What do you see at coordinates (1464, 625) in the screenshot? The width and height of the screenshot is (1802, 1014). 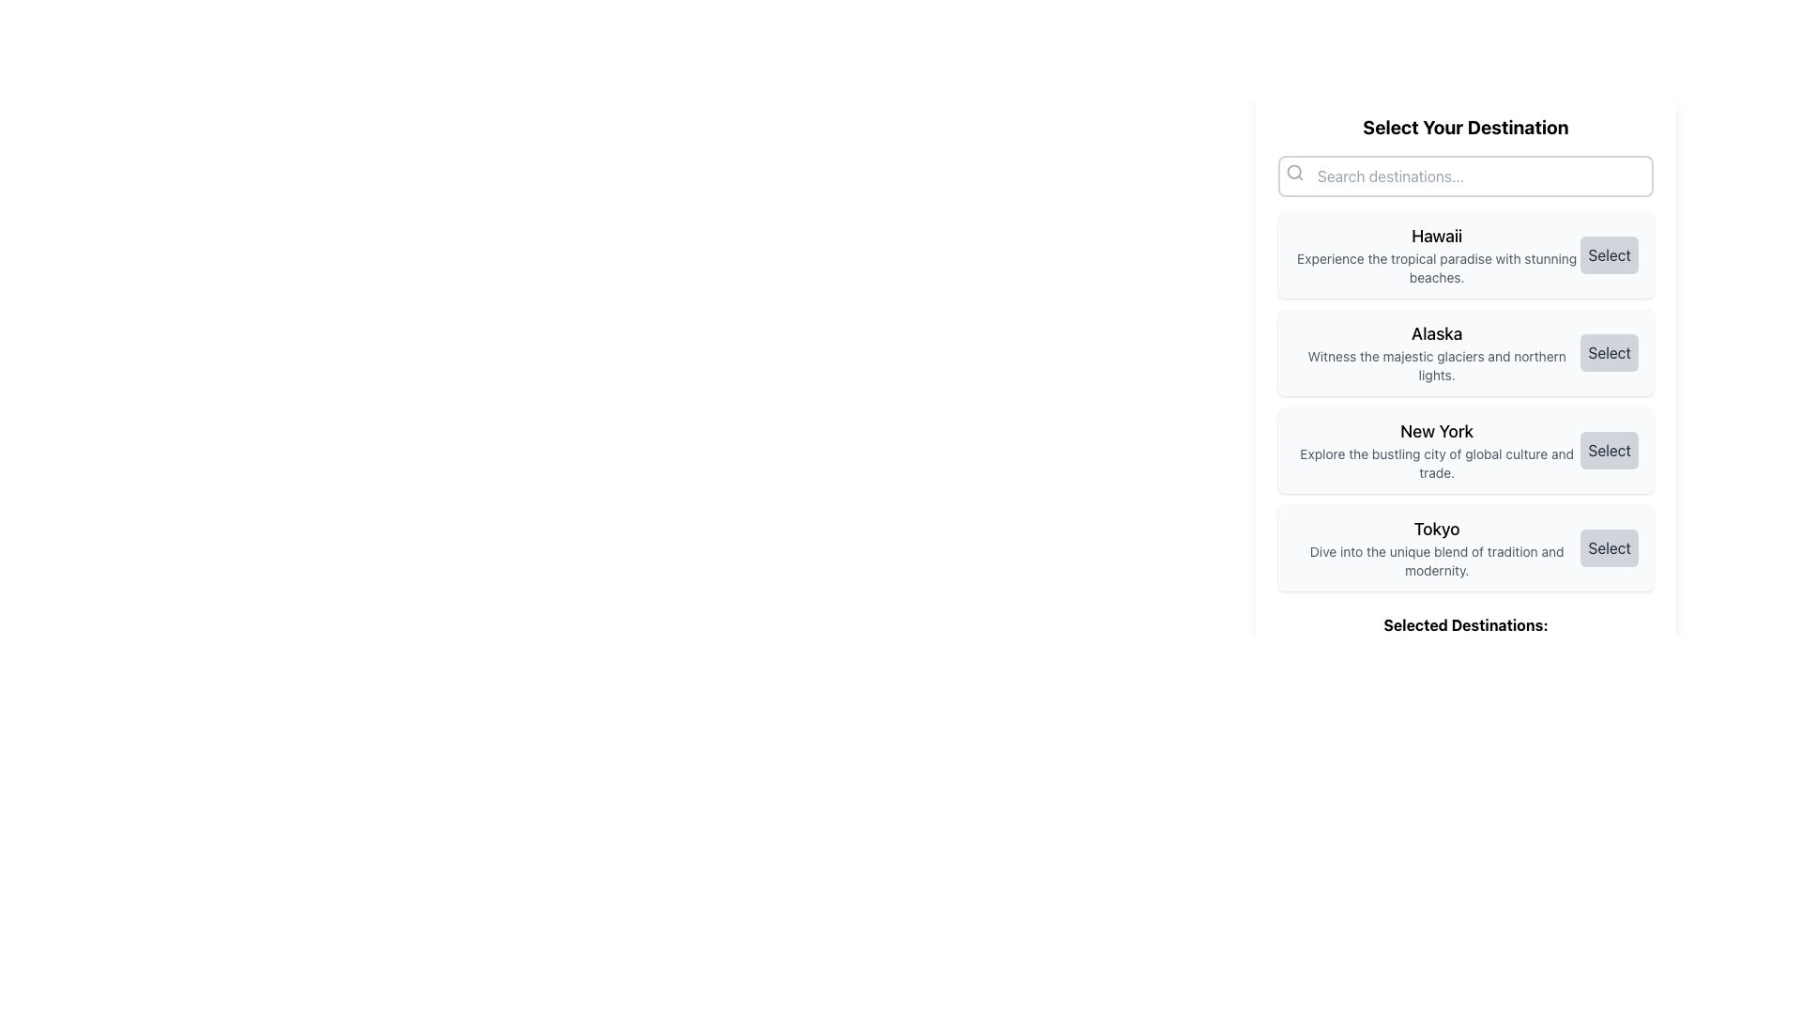 I see `the text element that serves as a label for the currently selected destinations, positioned centrally at the bottom of the interface` at bounding box center [1464, 625].